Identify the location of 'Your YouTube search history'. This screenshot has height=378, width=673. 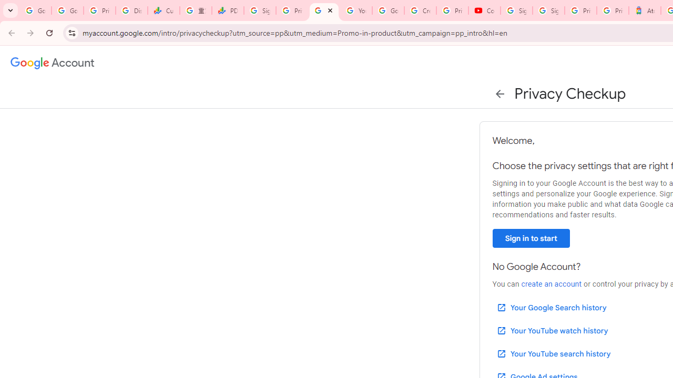
(553, 353).